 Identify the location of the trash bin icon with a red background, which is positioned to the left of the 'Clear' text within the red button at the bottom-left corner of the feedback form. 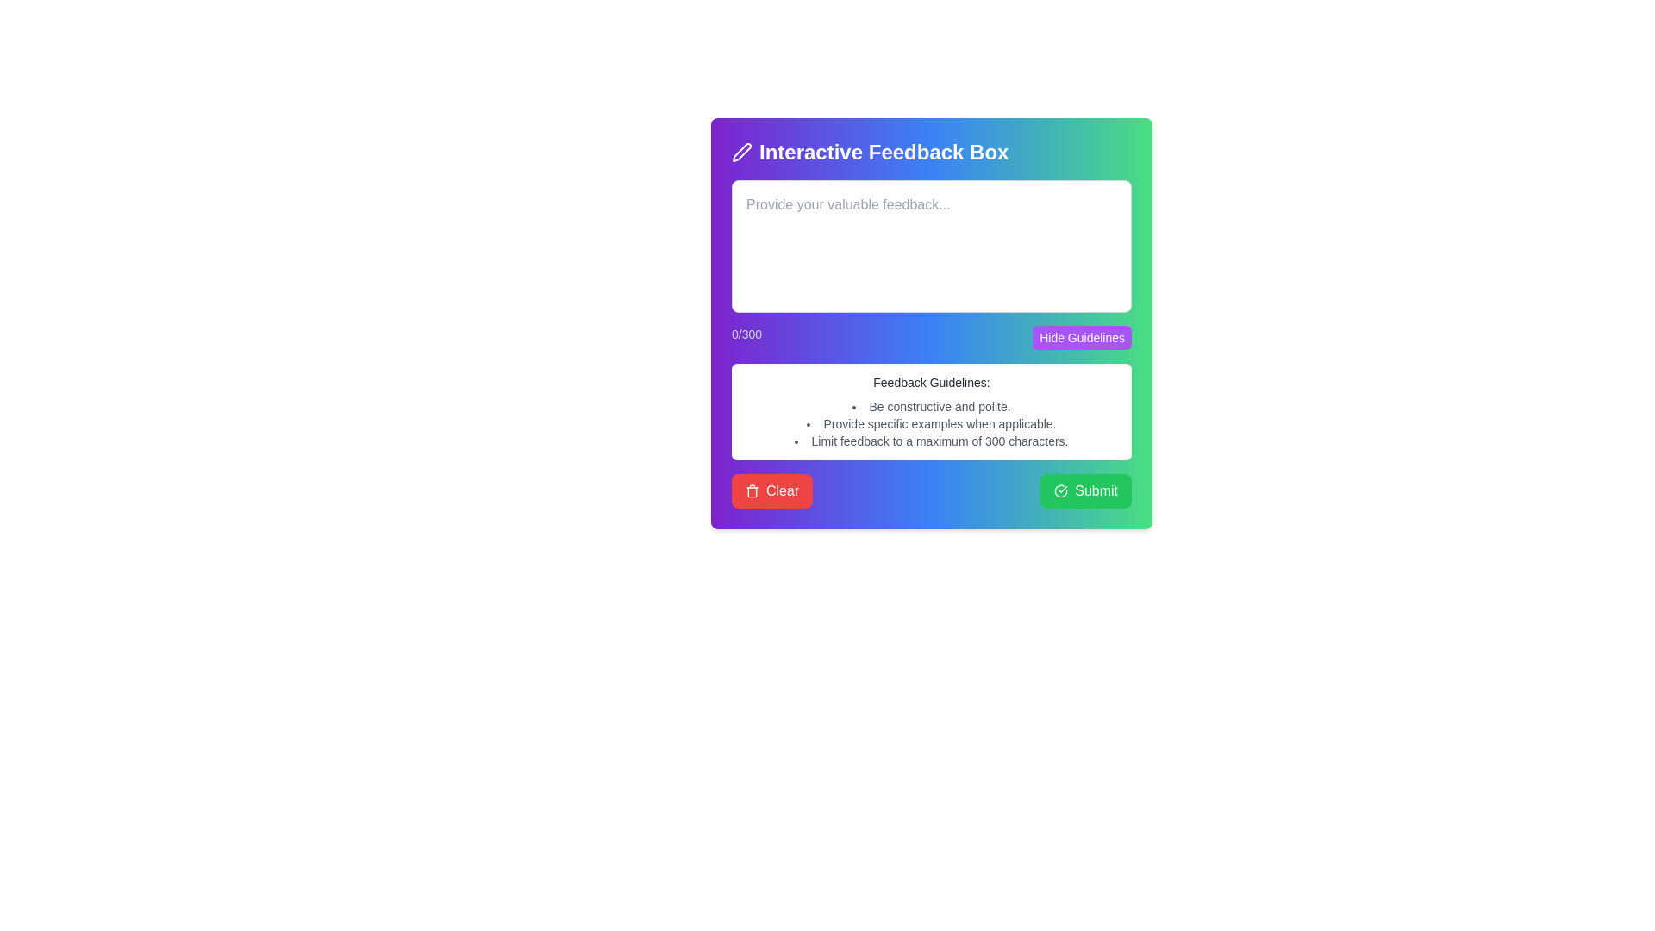
(753, 491).